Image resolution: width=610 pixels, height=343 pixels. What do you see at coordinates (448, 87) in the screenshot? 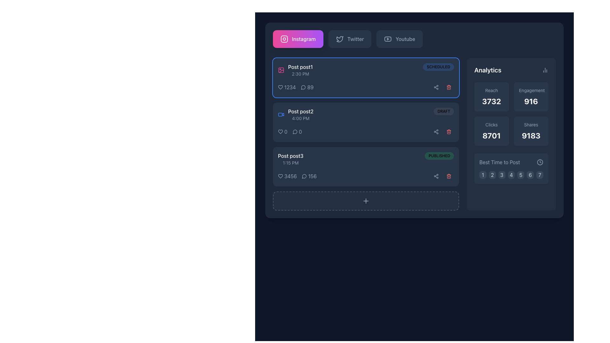
I see `the delete icon located on the far right side of the scheduled post details section` at bounding box center [448, 87].